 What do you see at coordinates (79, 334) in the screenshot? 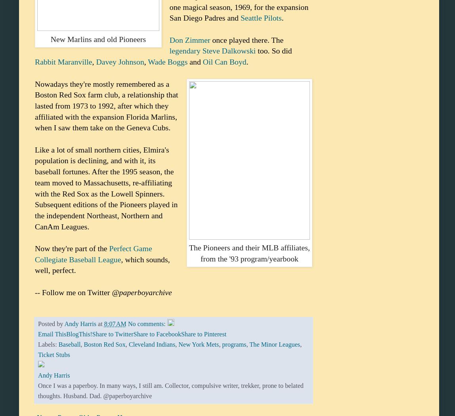
I see `'BlogThis!'` at bounding box center [79, 334].